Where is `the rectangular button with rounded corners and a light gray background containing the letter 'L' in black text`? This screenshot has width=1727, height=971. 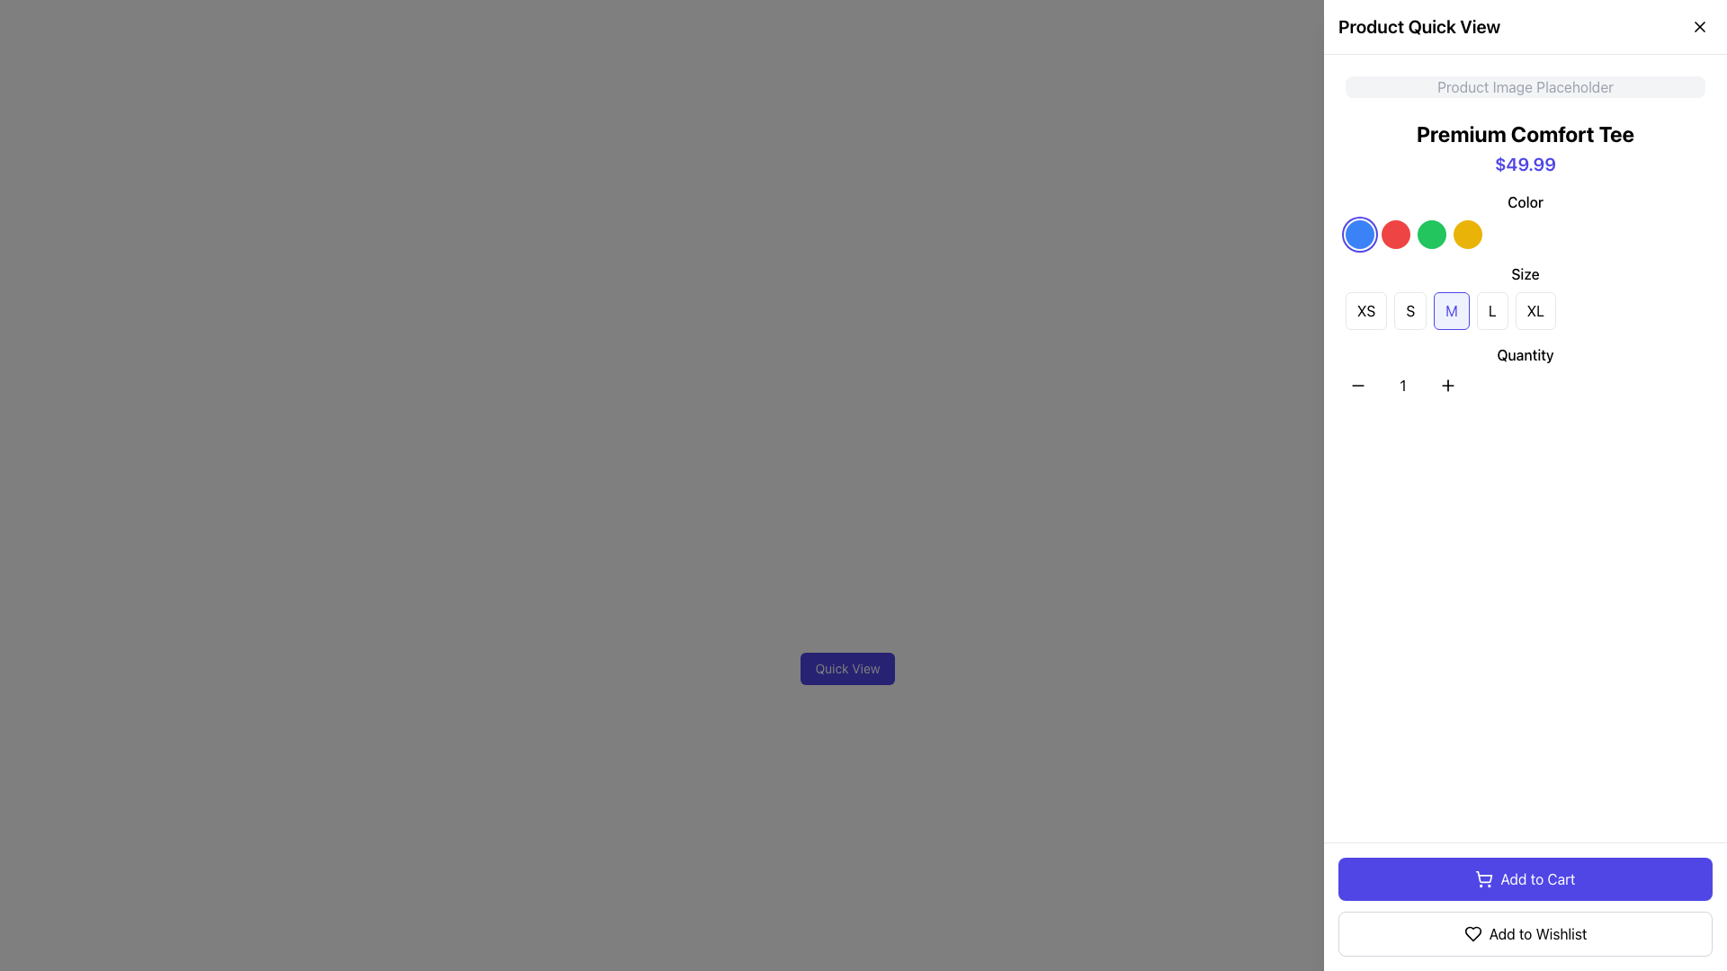 the rectangular button with rounded corners and a light gray background containing the letter 'L' in black text is located at coordinates (1492, 310).